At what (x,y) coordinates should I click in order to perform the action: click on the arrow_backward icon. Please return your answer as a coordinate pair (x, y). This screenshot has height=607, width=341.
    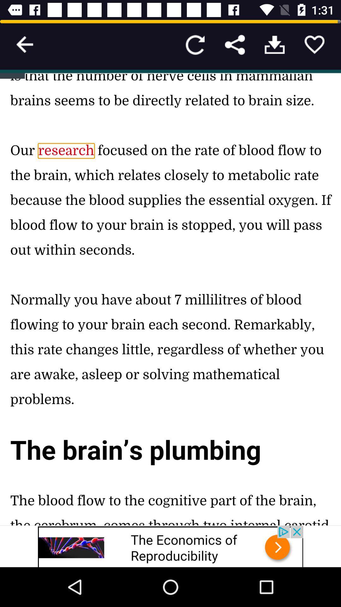
    Looking at the image, I should click on (24, 44).